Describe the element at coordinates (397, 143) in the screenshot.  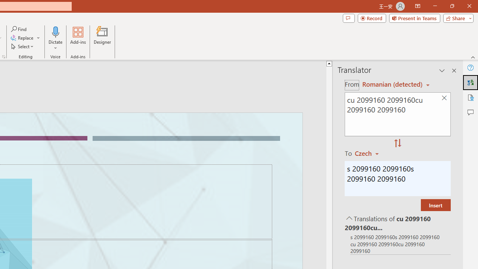
I see `'Swap "from" and "to" languages.'` at that location.